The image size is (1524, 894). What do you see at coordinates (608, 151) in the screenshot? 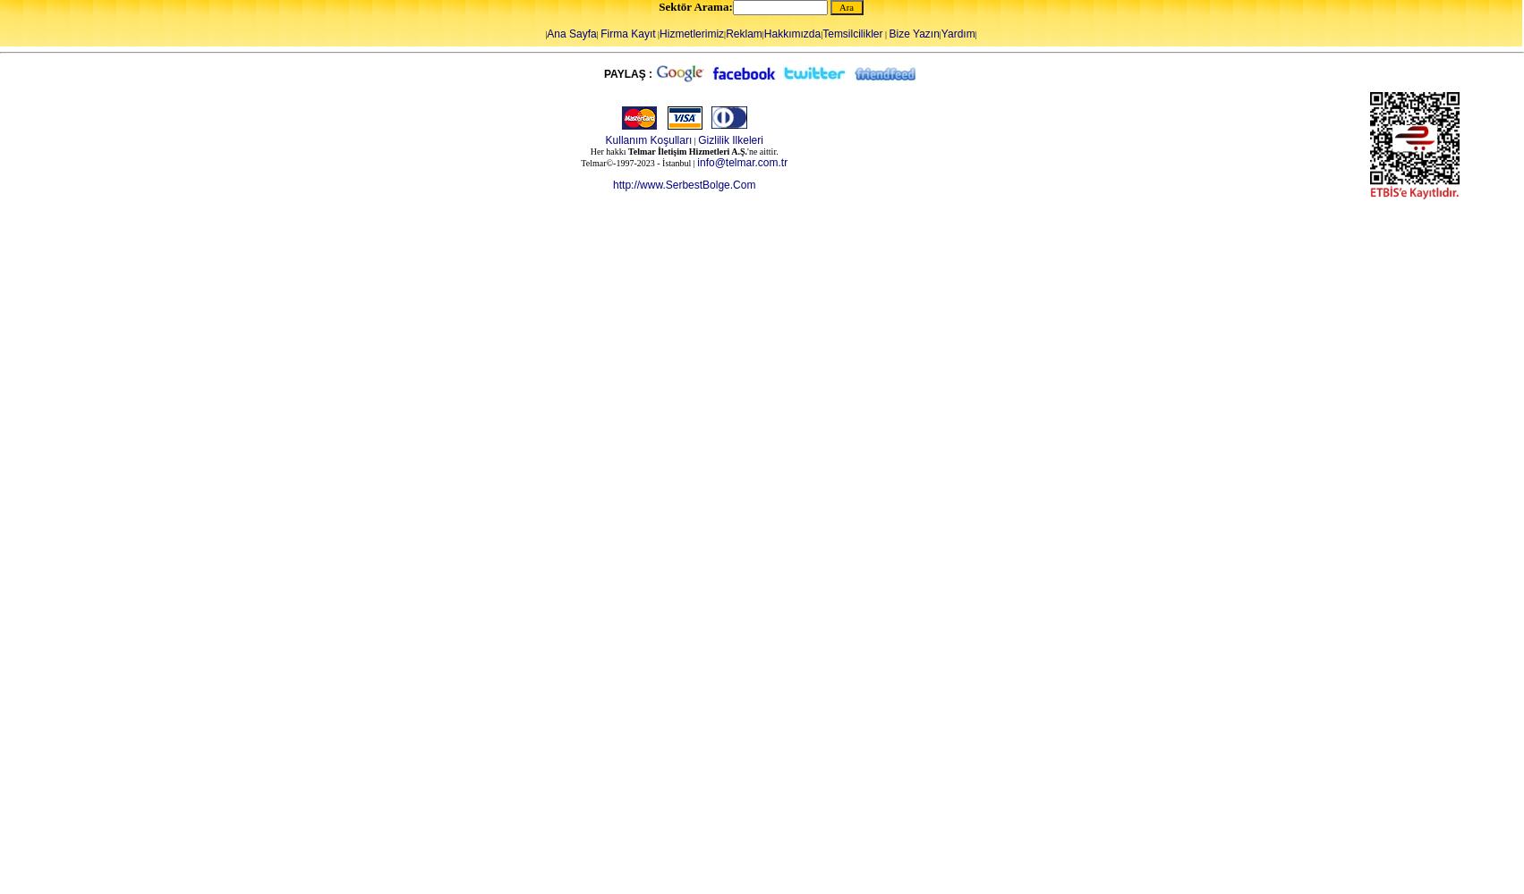
I see `'Her hakkı'` at bounding box center [608, 151].